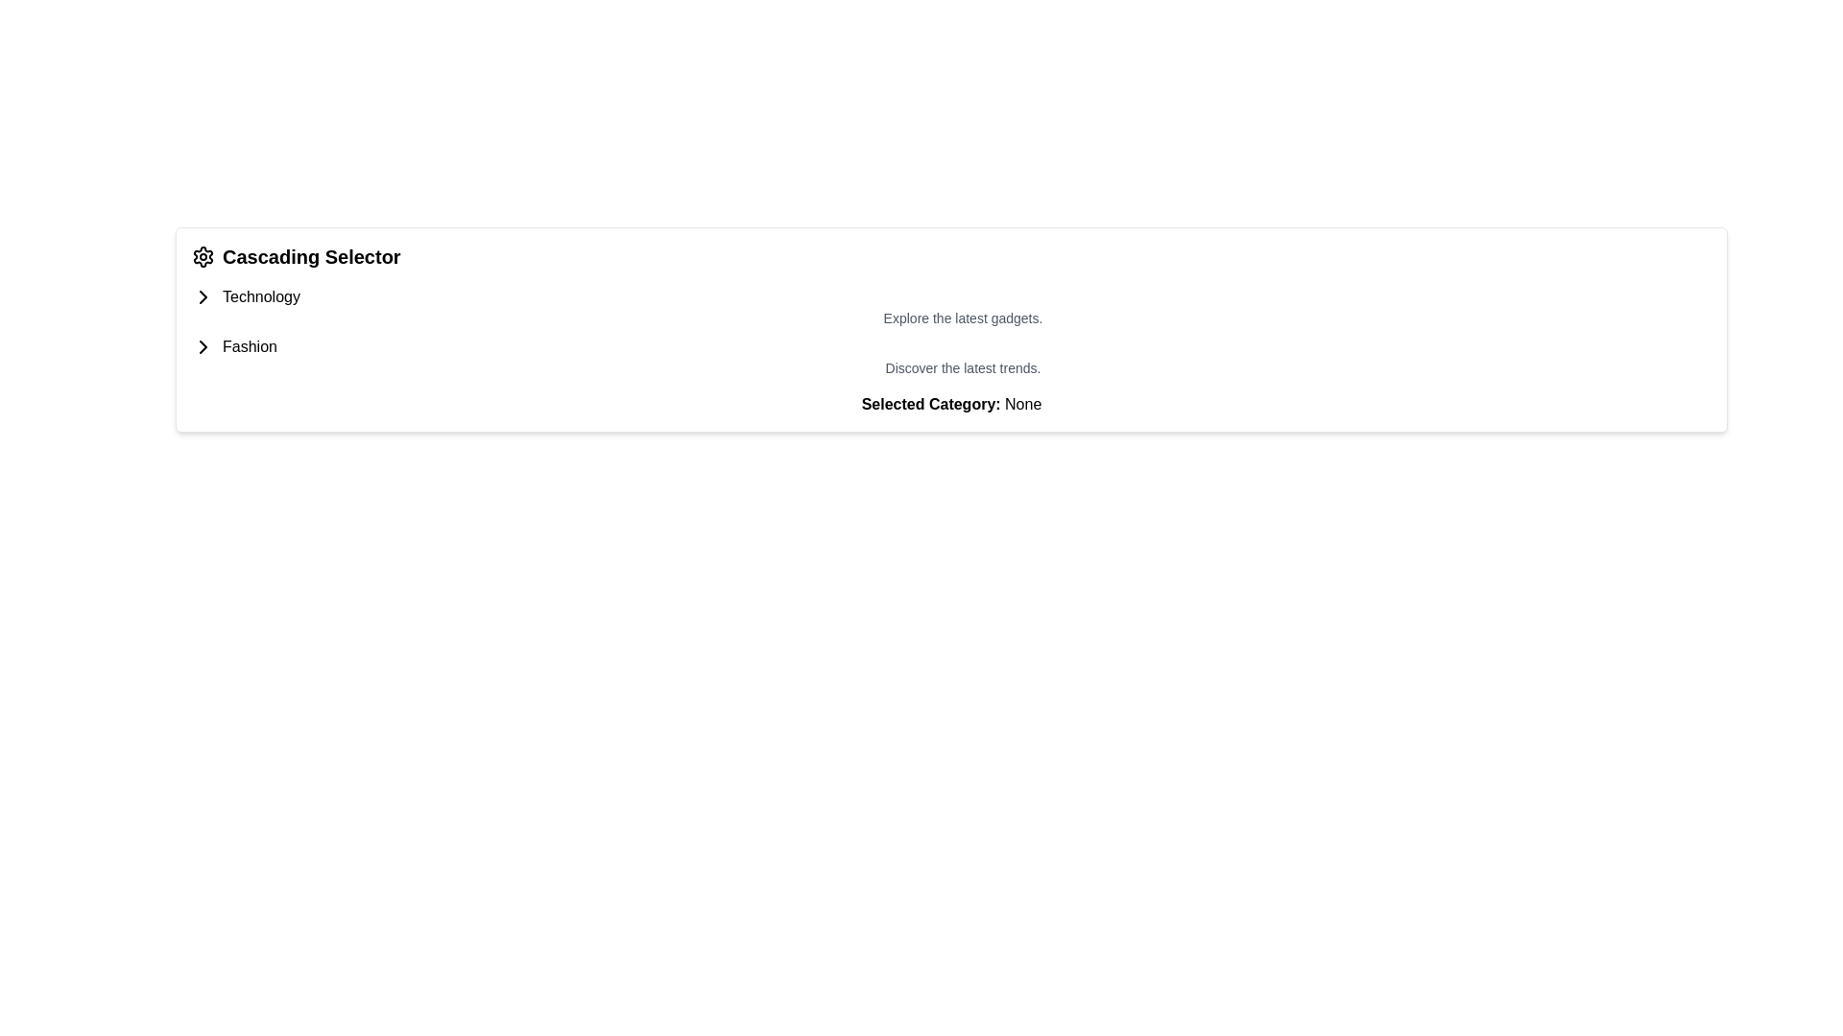  Describe the element at coordinates (203, 296) in the screenshot. I see `the expandable/collapsible 'Fashion' category icon located to the left of the 'Fashion' label` at that location.